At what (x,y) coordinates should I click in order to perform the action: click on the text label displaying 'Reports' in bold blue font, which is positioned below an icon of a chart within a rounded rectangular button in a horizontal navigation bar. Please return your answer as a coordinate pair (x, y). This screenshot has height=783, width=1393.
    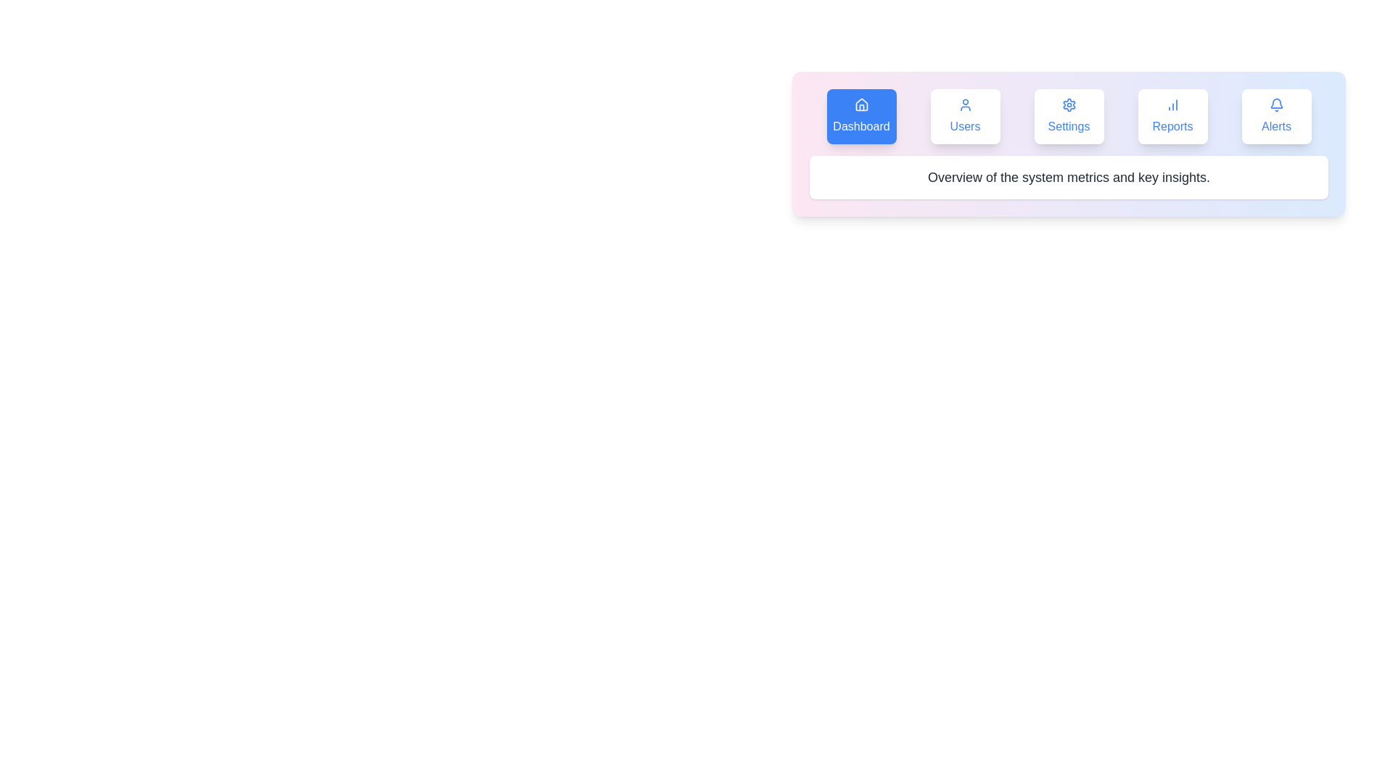
    Looking at the image, I should click on (1172, 125).